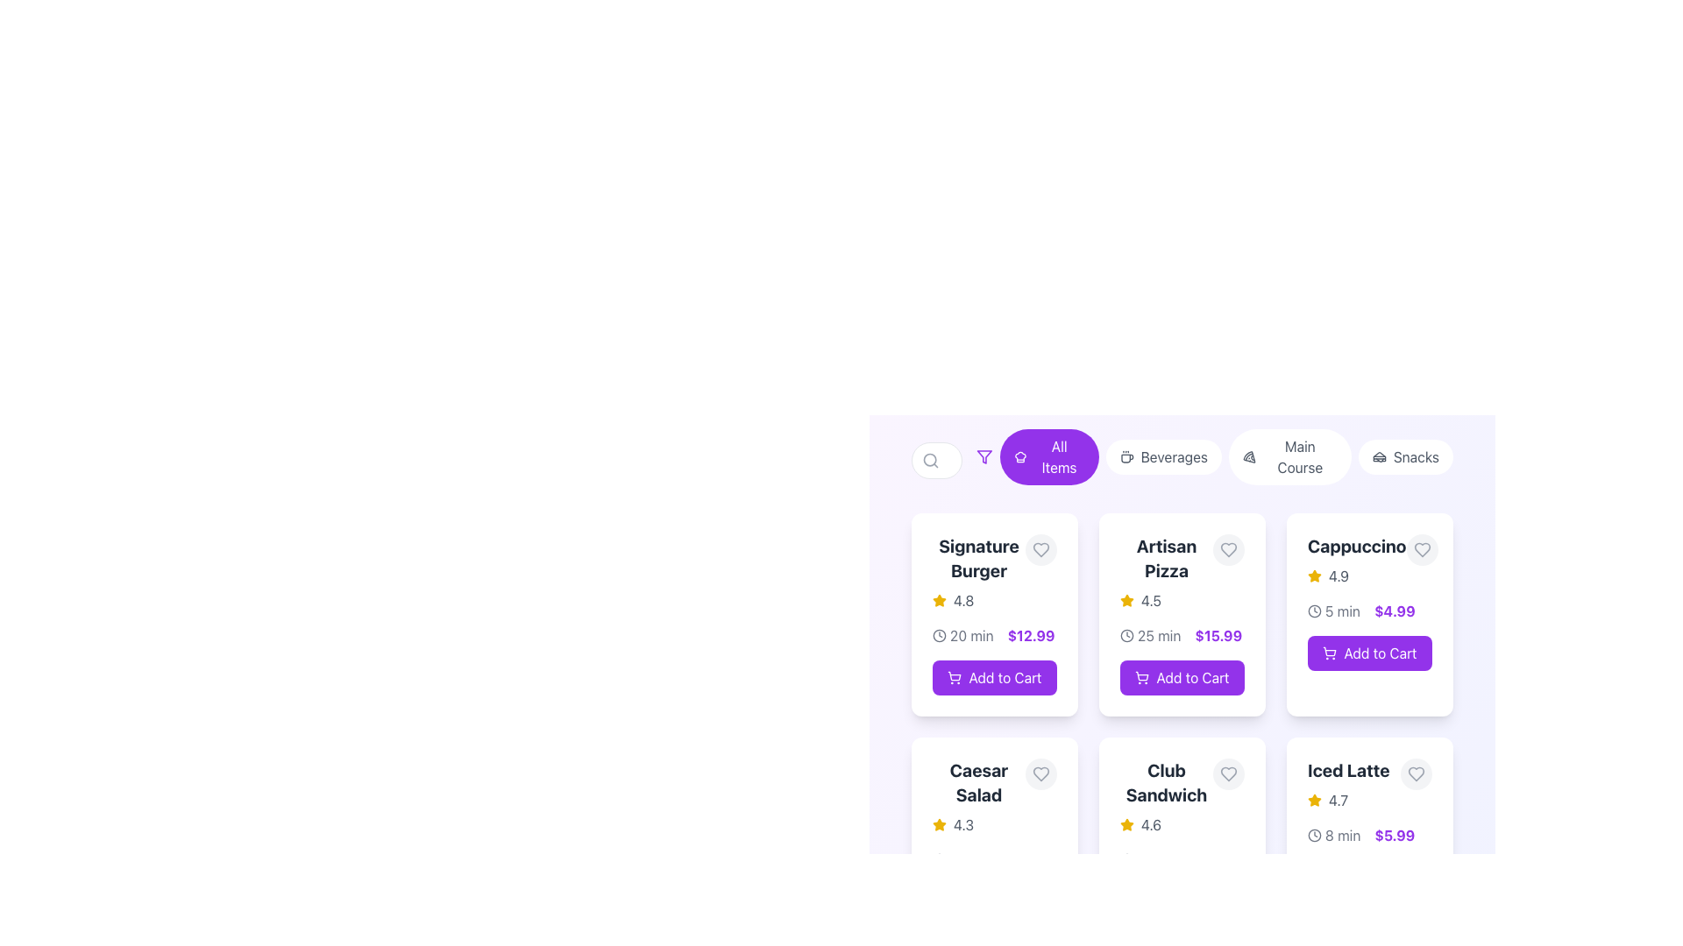  What do you see at coordinates (1333, 834) in the screenshot?
I see `text '8 min' displayed in the gray font label with a clock icon on the left, located within the 'Iced Latte' card at the bottom-right of the menu grid` at bounding box center [1333, 834].